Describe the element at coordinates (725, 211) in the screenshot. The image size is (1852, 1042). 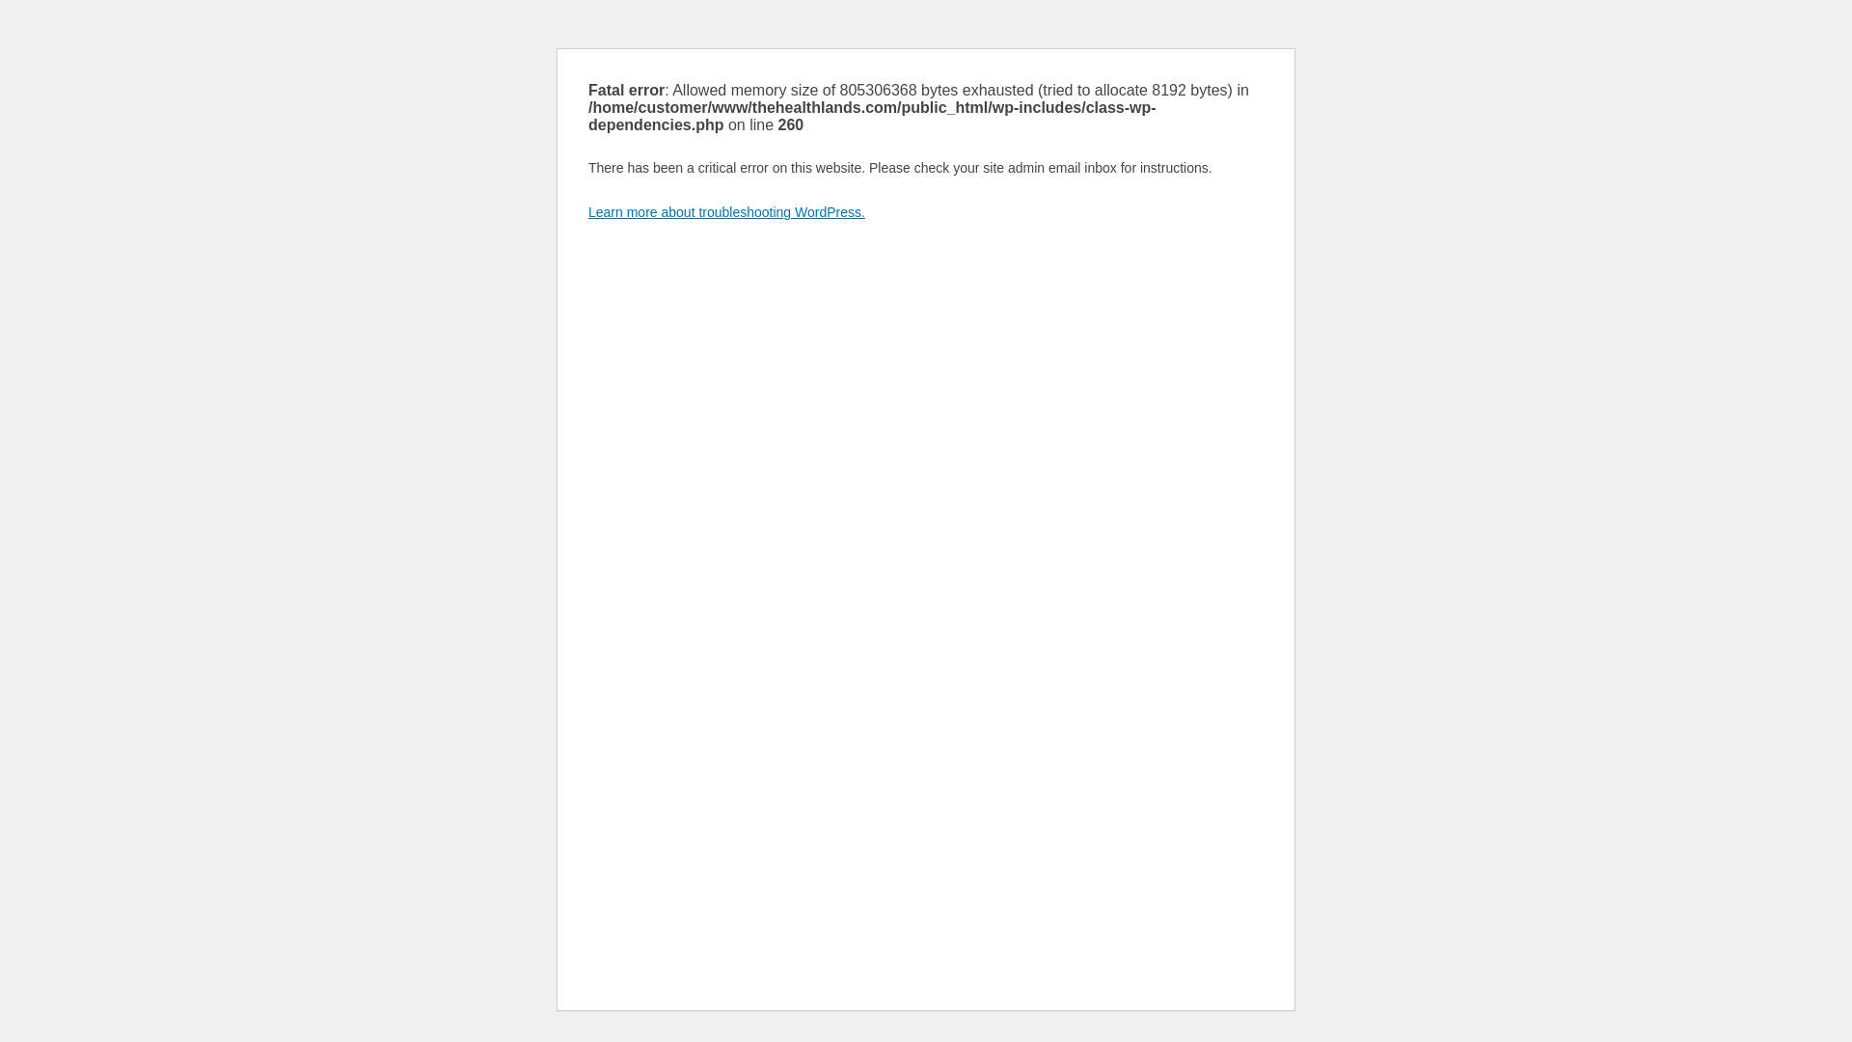
I see `'Learn more about troubleshooting WordPress.'` at that location.